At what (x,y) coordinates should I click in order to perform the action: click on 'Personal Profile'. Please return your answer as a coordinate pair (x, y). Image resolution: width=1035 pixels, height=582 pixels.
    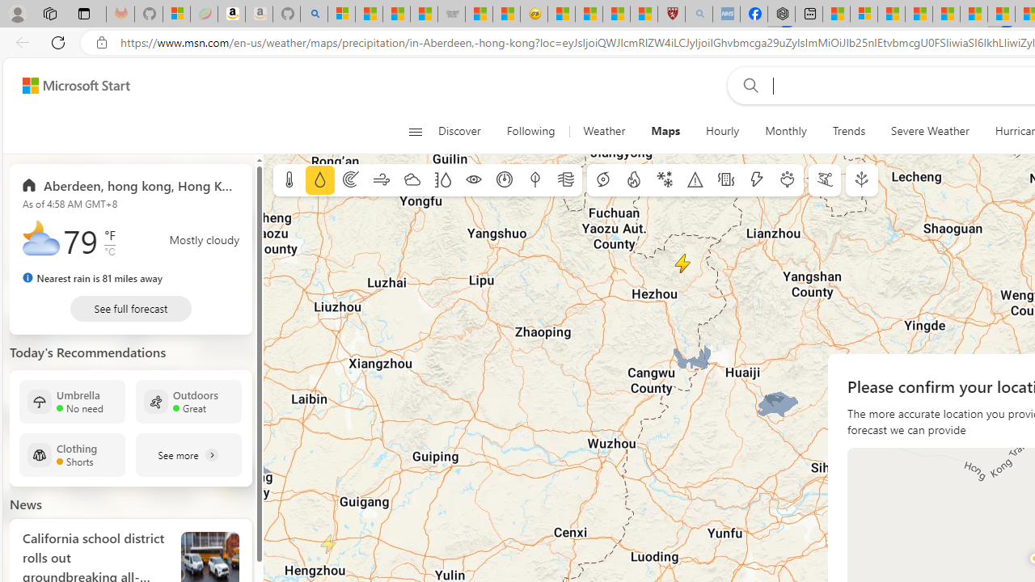
    Looking at the image, I should click on (17, 13).